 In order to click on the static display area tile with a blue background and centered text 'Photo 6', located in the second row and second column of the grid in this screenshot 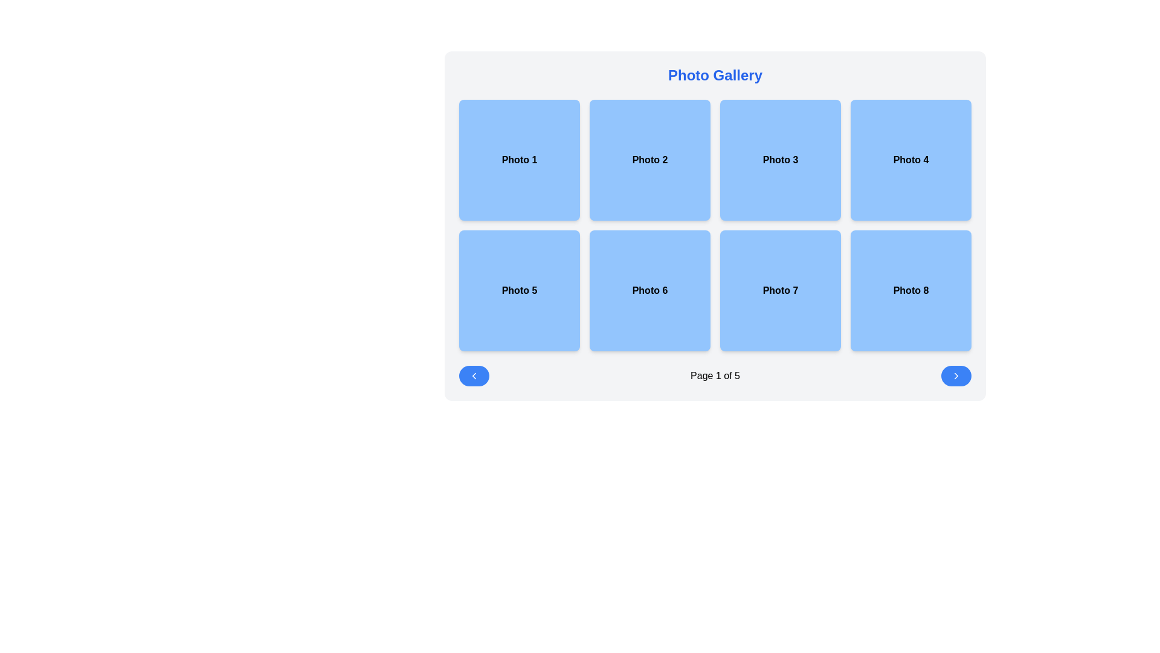, I will do `click(649, 291)`.